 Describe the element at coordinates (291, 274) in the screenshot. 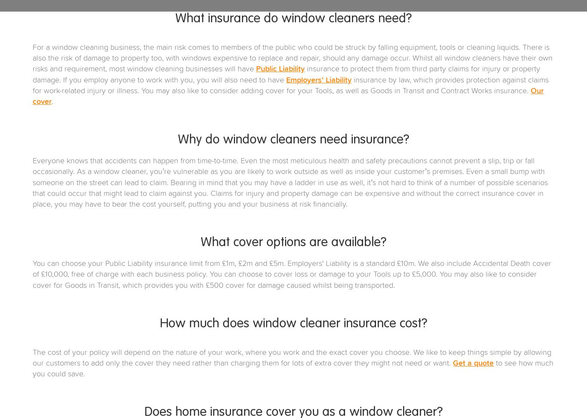

I see `'You can choose your Public Liability insurance limit from £1m, £2m and £5m. Employers' Liability is a standard £10m. We also include Accidental Death cover of £10,000, free of charge with each business policy. You can choose to cover loss or damage to your Tools  up to £5,000. You may also like to consider cover for Goods in Transit, which provides you with £500 cover for damage caused whilst being transported.'` at that location.